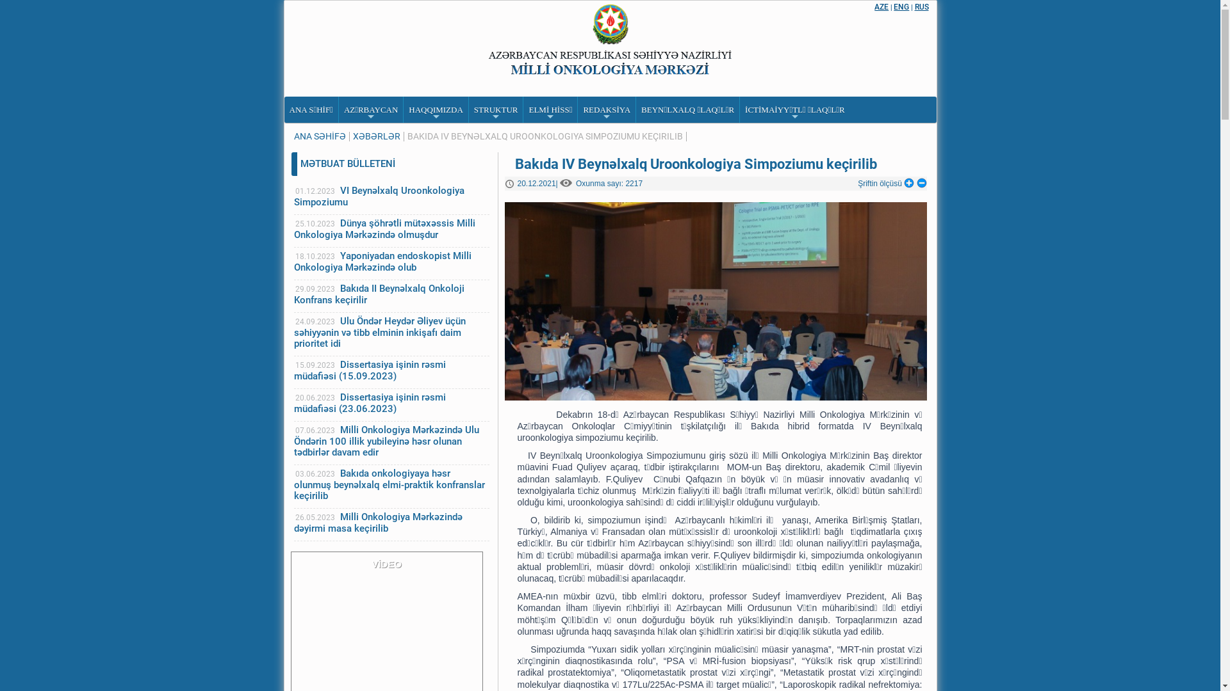 The height and width of the screenshot is (691, 1230). What do you see at coordinates (436, 109) in the screenshot?
I see `'+` at bounding box center [436, 109].